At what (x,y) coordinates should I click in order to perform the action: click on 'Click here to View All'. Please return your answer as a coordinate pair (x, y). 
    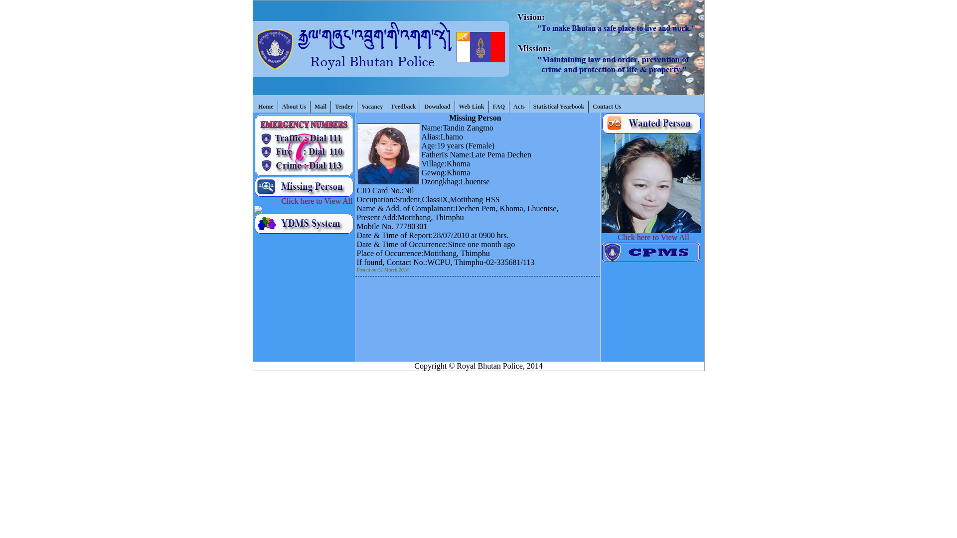
    Looking at the image, I should click on (661, 237).